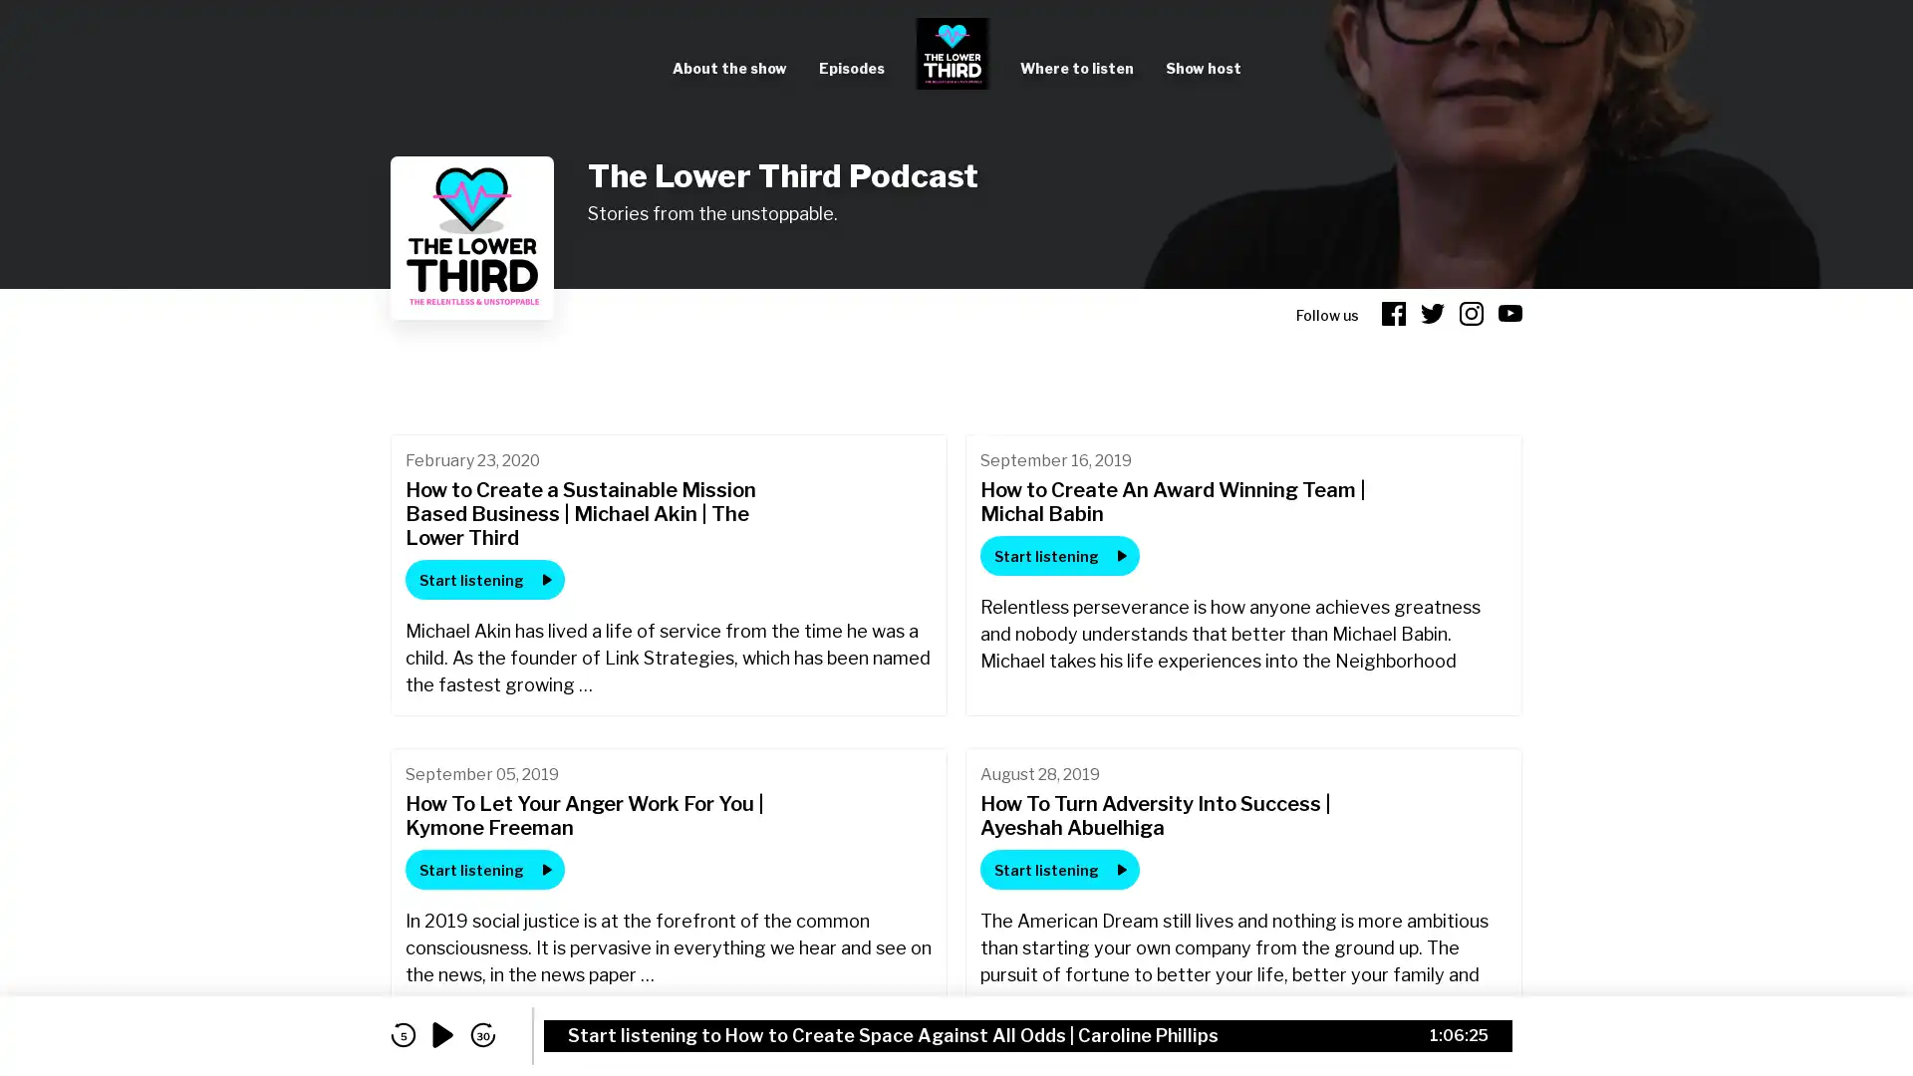 This screenshot has width=1913, height=1076. Describe the element at coordinates (483, 868) in the screenshot. I see `Start listening` at that location.